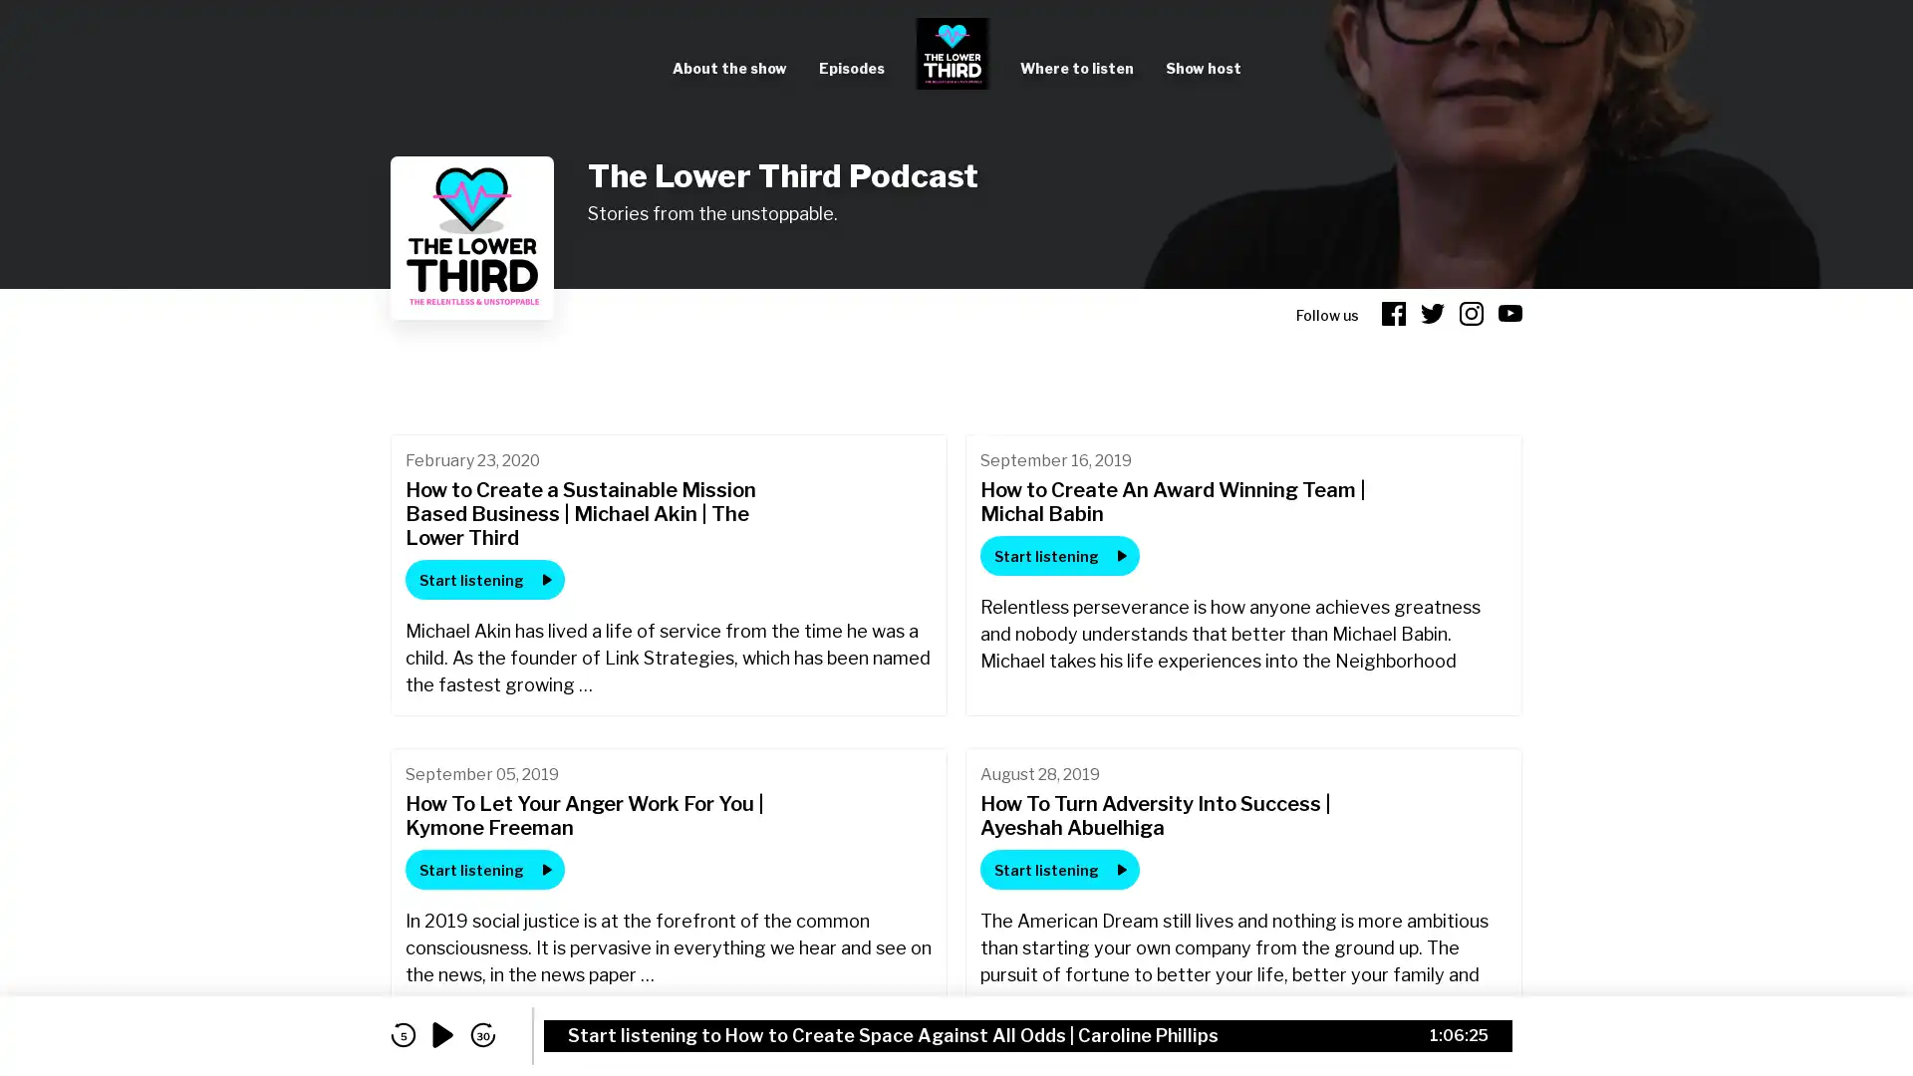 This screenshot has width=1913, height=1076. Describe the element at coordinates (483, 868) in the screenshot. I see `Start listening` at that location.